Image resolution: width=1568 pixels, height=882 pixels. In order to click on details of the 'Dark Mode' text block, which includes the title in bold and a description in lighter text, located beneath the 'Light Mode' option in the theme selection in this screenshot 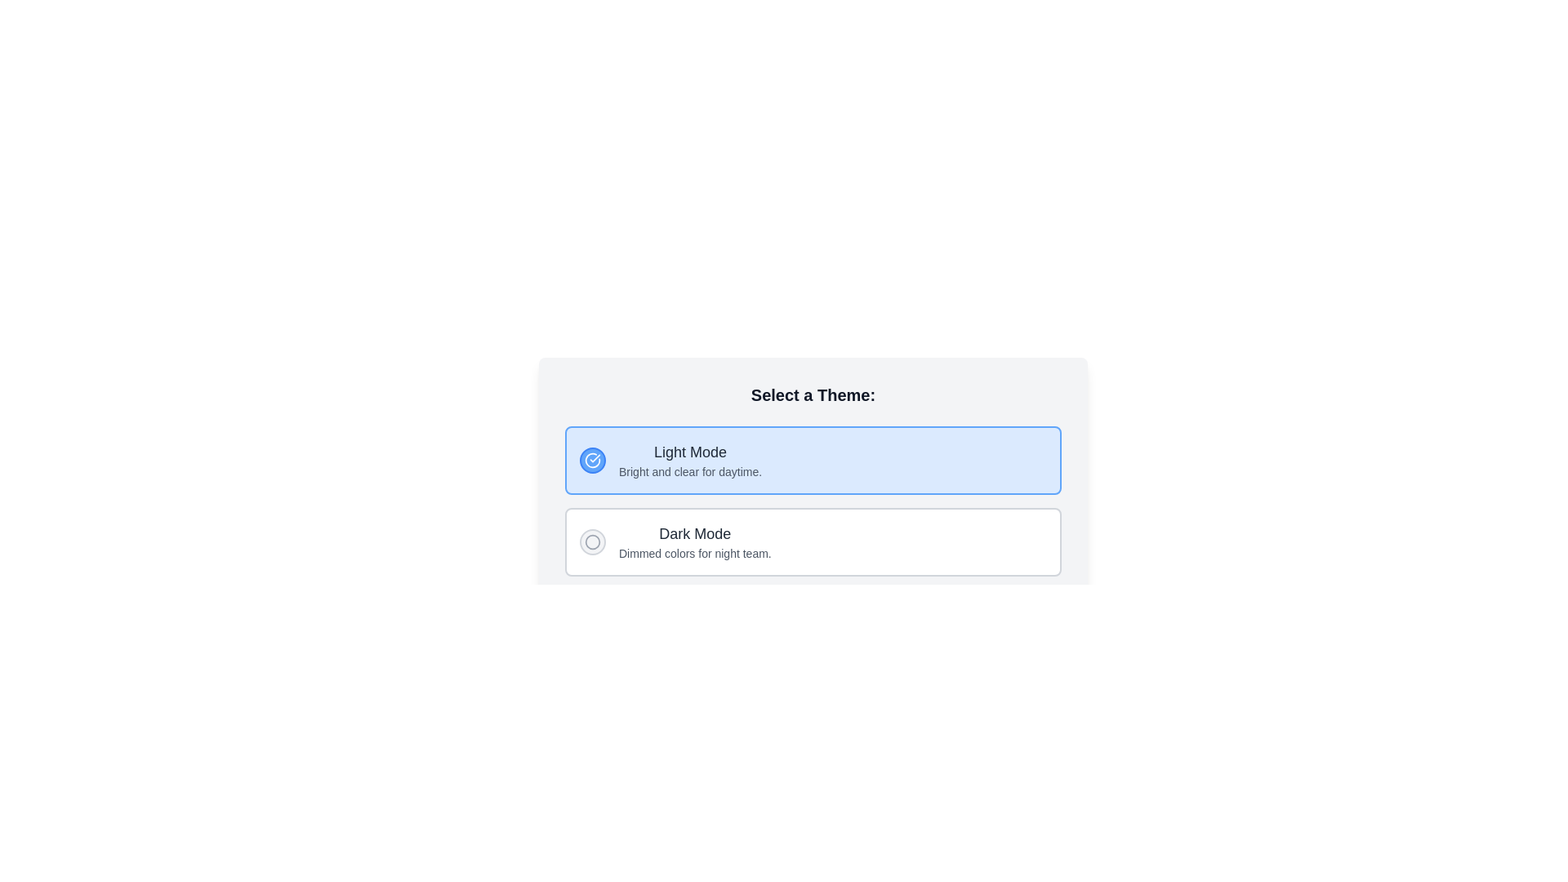, I will do `click(695, 541)`.